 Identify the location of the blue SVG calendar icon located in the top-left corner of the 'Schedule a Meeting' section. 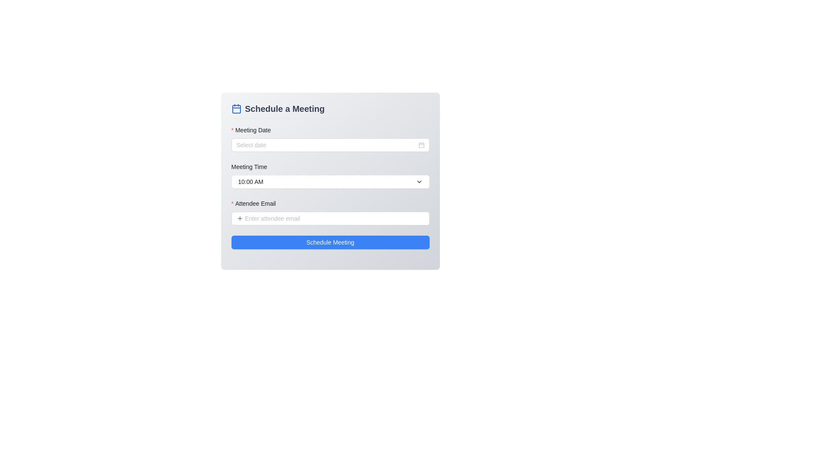
(236, 108).